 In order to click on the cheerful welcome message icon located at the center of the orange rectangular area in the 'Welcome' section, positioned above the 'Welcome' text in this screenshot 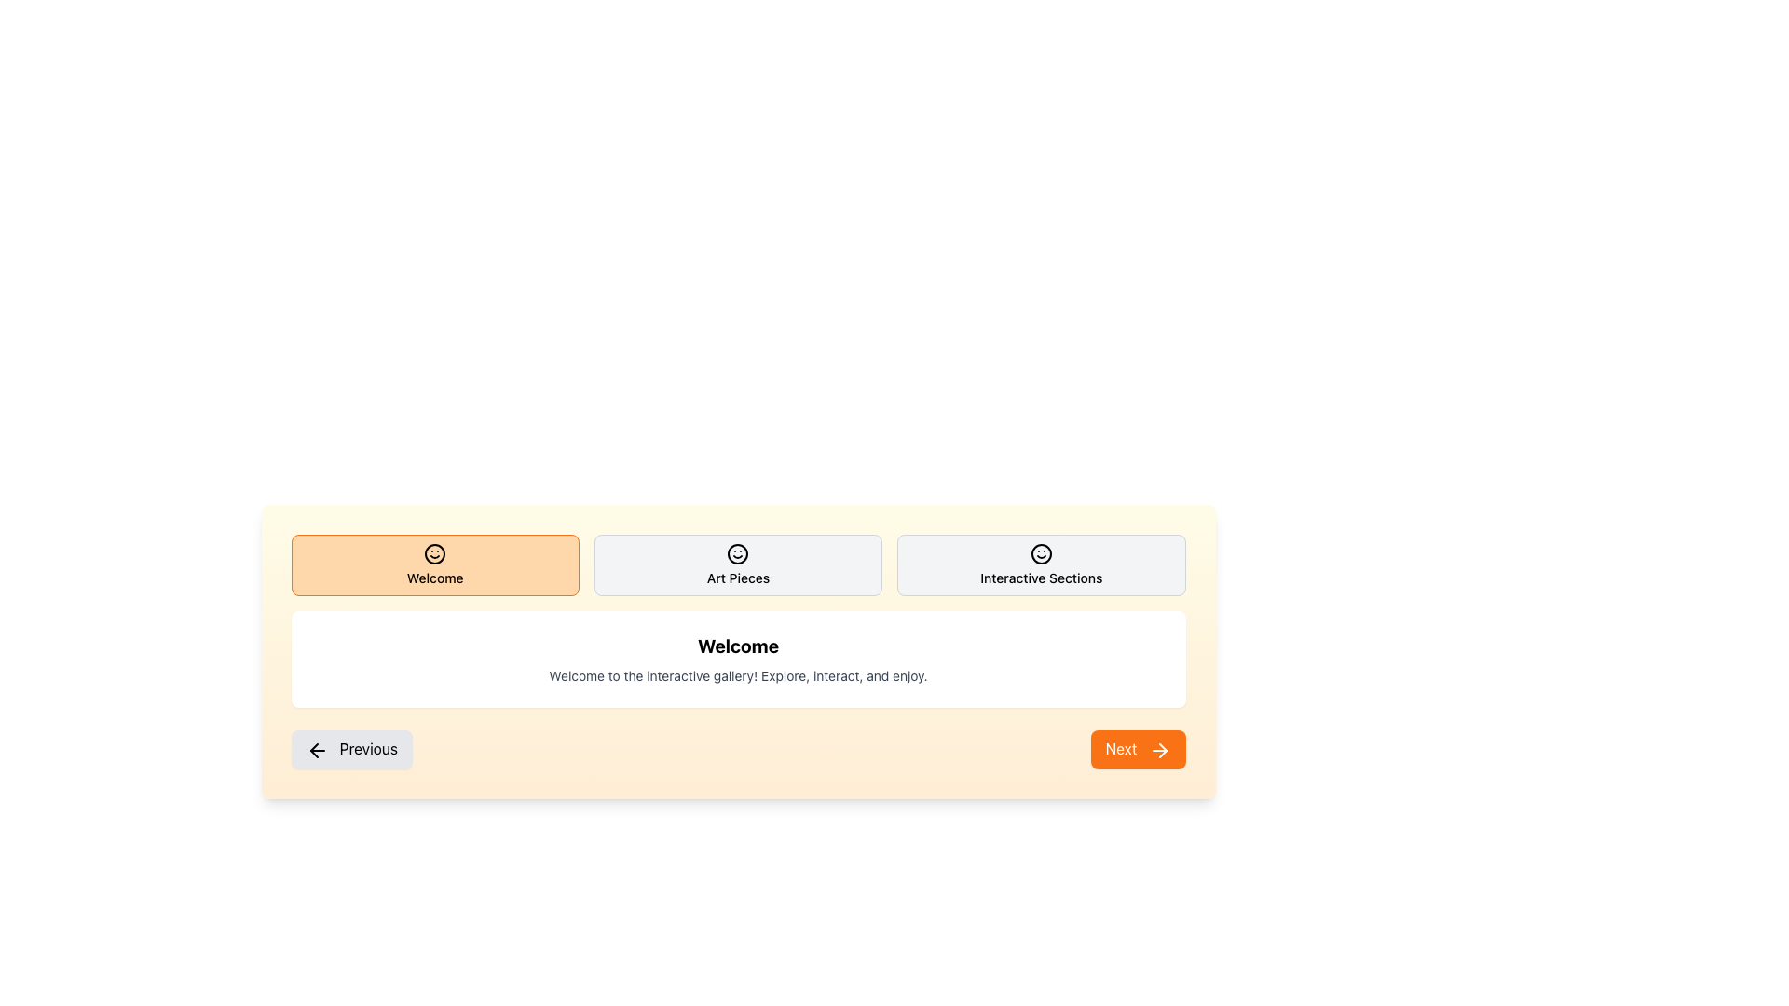, I will do `click(434, 552)`.